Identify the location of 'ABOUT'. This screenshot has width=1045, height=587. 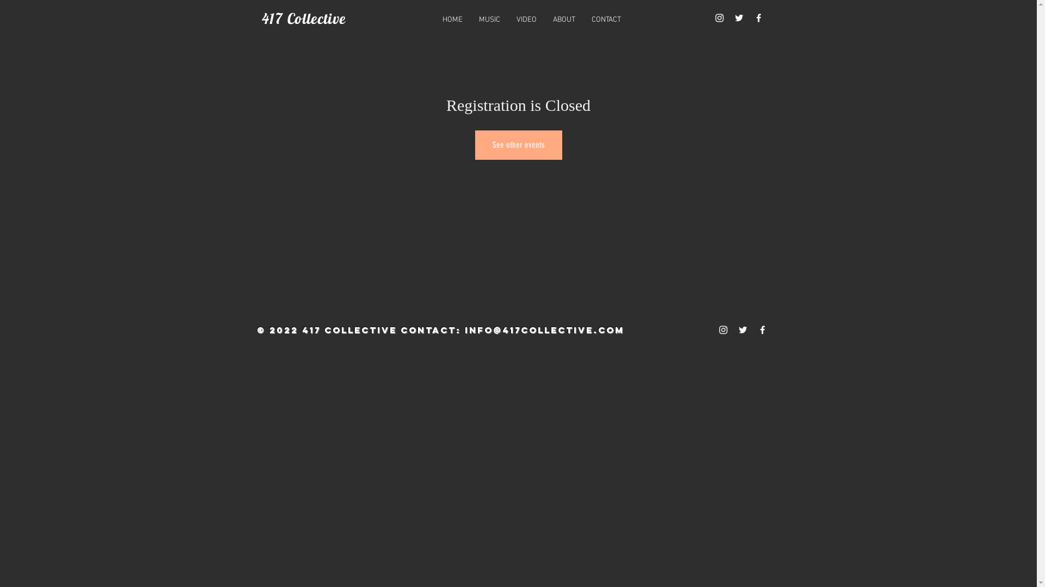
(564, 20).